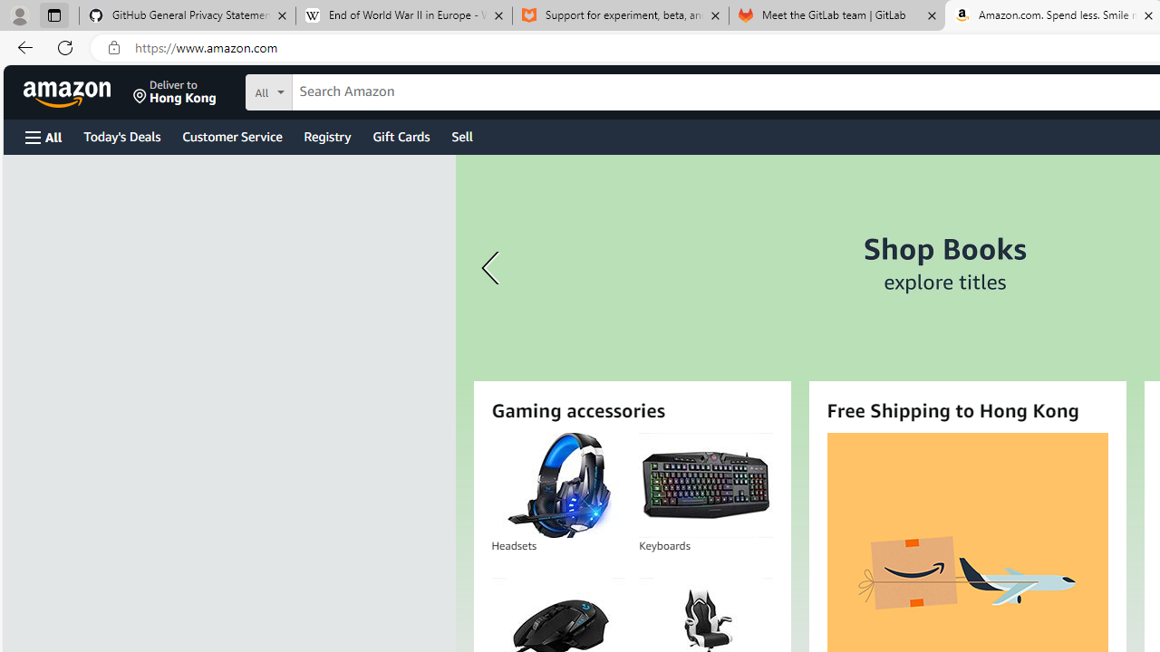 Image resolution: width=1160 pixels, height=652 pixels. I want to click on 'Headsets', so click(556, 484).